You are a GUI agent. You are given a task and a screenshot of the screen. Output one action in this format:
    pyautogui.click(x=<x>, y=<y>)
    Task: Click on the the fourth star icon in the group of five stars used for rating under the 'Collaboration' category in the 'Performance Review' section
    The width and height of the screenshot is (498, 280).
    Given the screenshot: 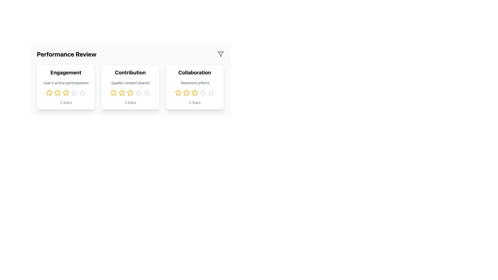 What is the action you would take?
    pyautogui.click(x=203, y=92)
    